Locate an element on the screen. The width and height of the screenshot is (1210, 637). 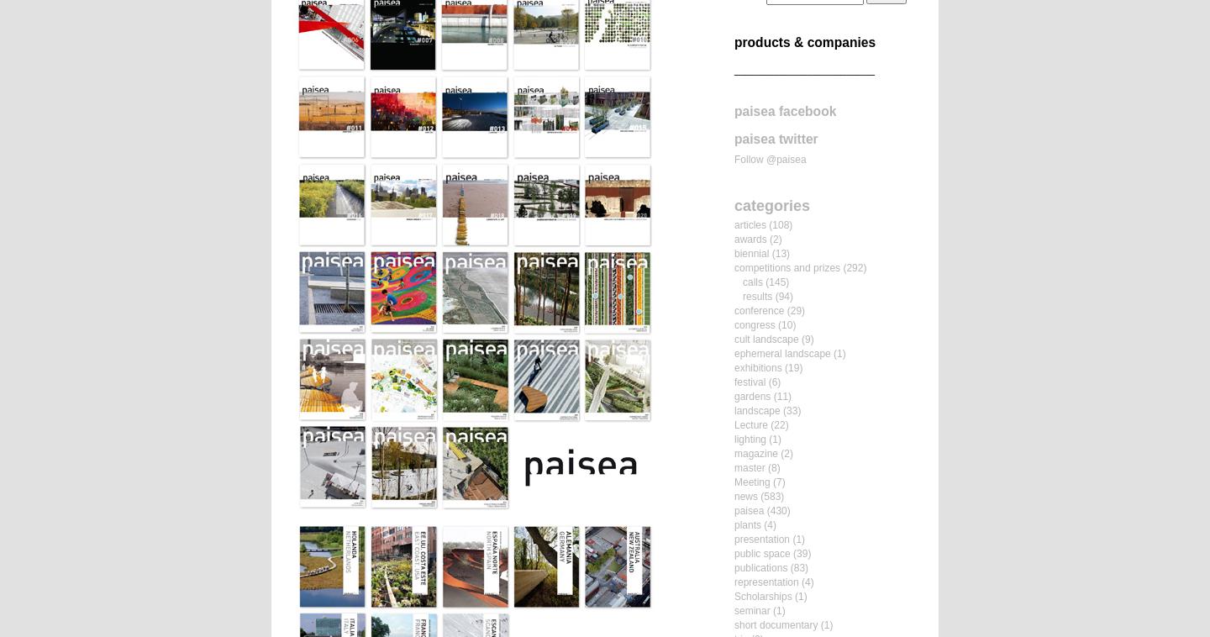
'(83)' is located at coordinates (797, 567).